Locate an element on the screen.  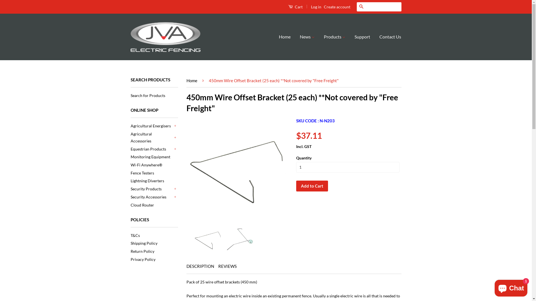
'Search' is located at coordinates (361, 7).